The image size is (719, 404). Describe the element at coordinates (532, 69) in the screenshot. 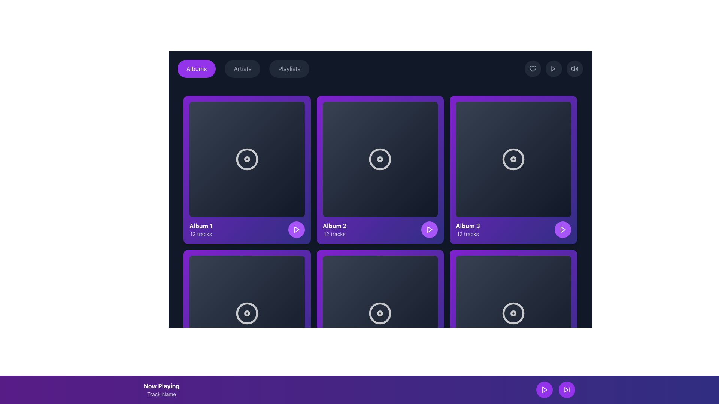

I see `the circular button with a dark gray background and a white outlined heart icon in the center to mark it as favorite` at that location.